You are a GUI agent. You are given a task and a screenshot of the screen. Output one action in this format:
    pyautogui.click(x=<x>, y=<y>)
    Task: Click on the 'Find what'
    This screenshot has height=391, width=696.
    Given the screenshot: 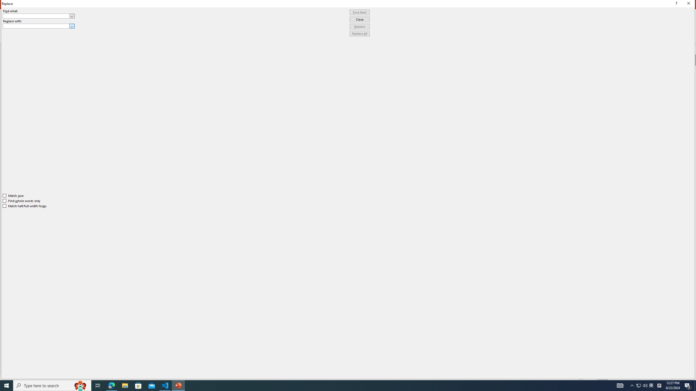 What is the action you would take?
    pyautogui.click(x=36, y=16)
    